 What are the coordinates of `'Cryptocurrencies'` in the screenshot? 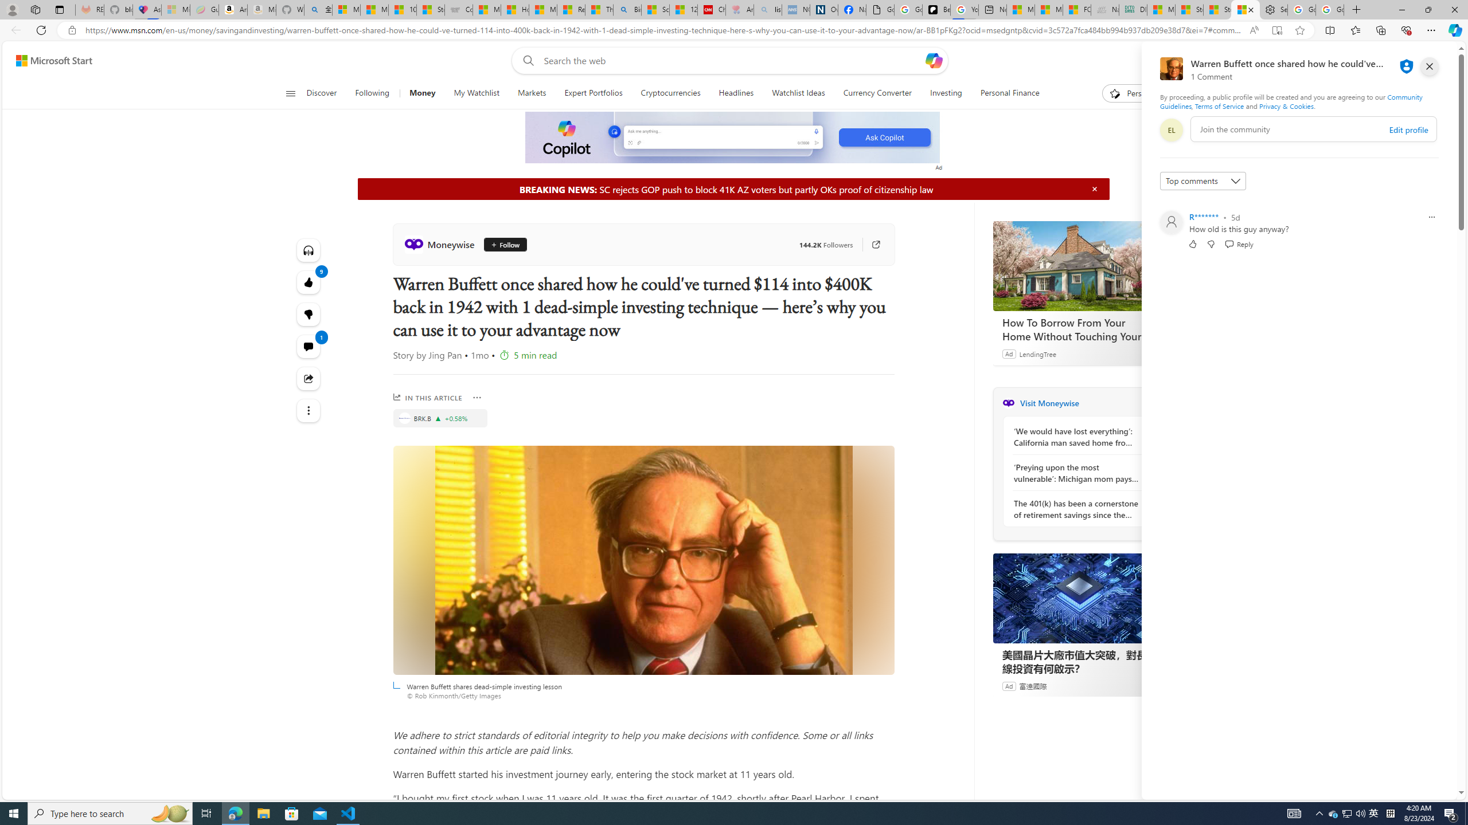 It's located at (670, 93).